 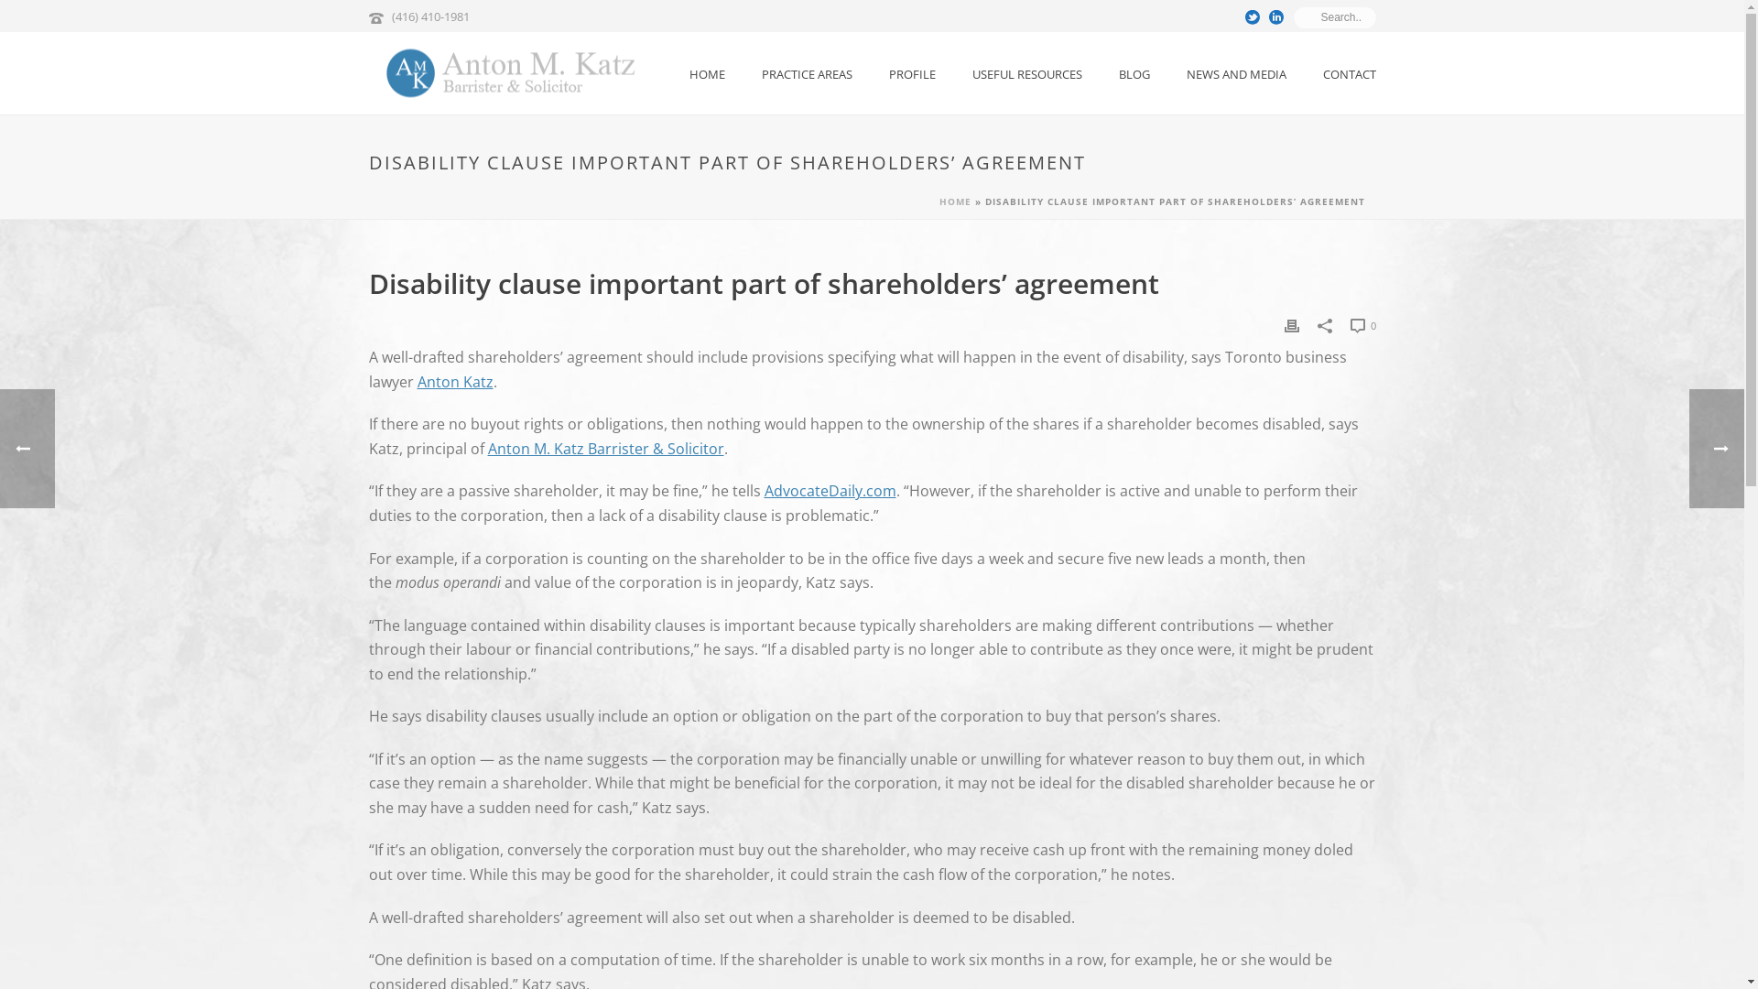 What do you see at coordinates (1236, 73) in the screenshot?
I see `'NEWS AND MEDIA'` at bounding box center [1236, 73].